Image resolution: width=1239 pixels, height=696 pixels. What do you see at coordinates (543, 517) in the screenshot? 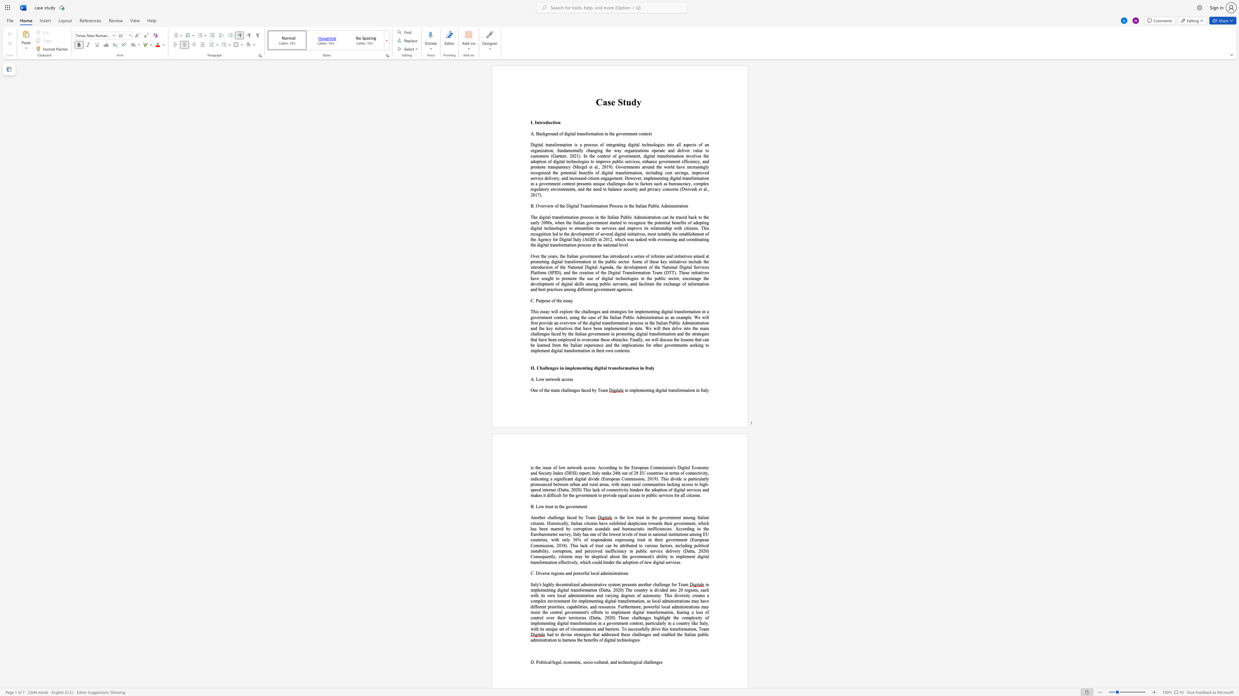
I see `the subset text "r challenge faced by Tea" within the text "Another challenge faced by Team"` at bounding box center [543, 517].